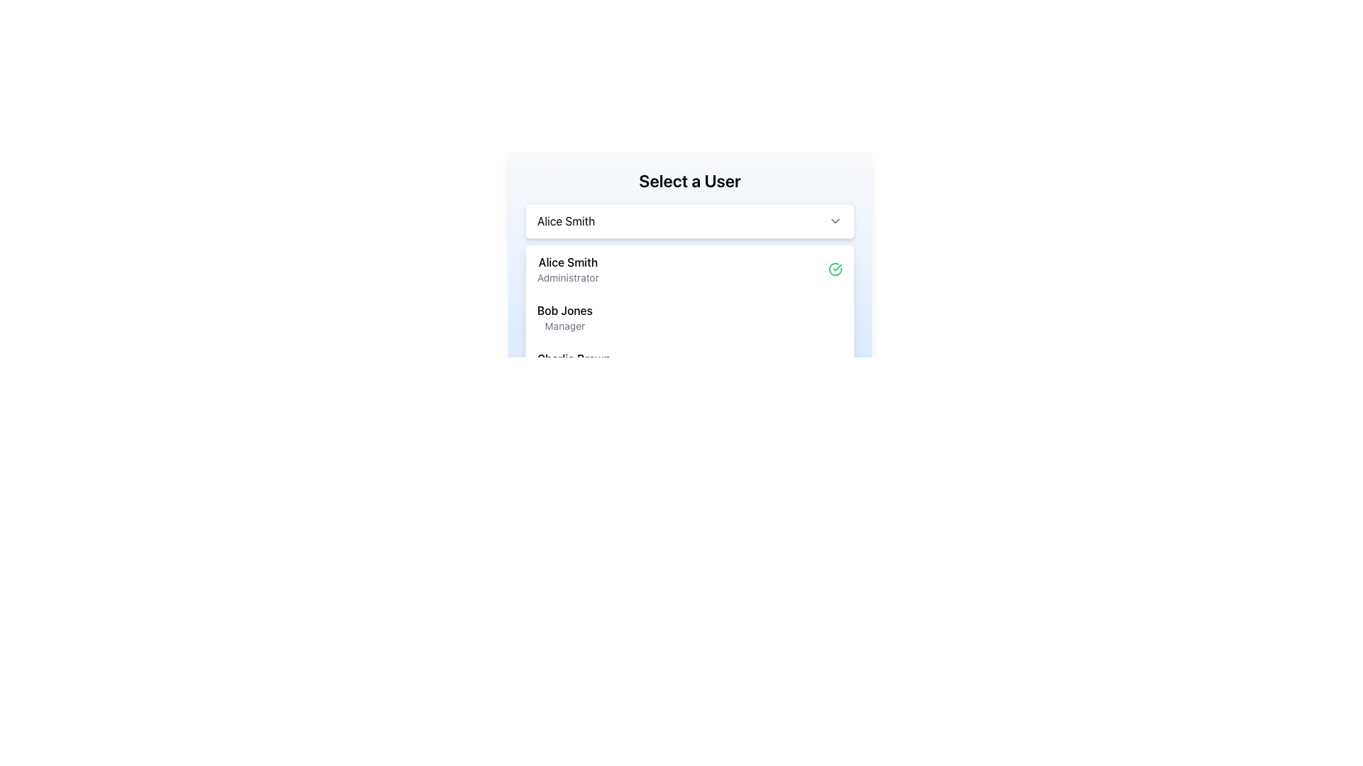 This screenshot has width=1363, height=766. Describe the element at coordinates (564, 316) in the screenshot. I see `the selectable list item representing 'Bob Jones', the 'Manager'` at that location.